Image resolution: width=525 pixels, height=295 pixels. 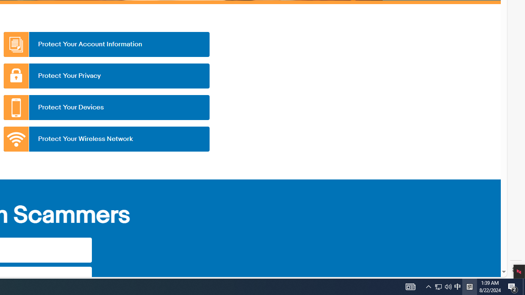 I want to click on 'Protect Your Wireless Network', so click(x=106, y=138).